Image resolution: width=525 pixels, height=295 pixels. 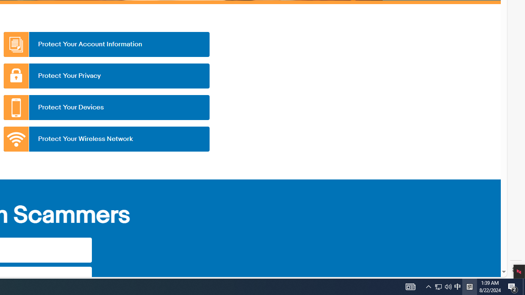 I want to click on 'Protect Your Wireless Network', so click(x=106, y=138).